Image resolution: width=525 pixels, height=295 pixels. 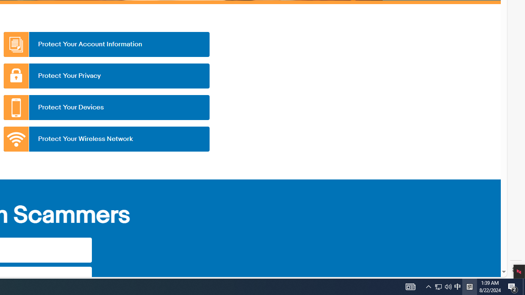 I want to click on 'Protect Your Wireless Network', so click(x=106, y=138).